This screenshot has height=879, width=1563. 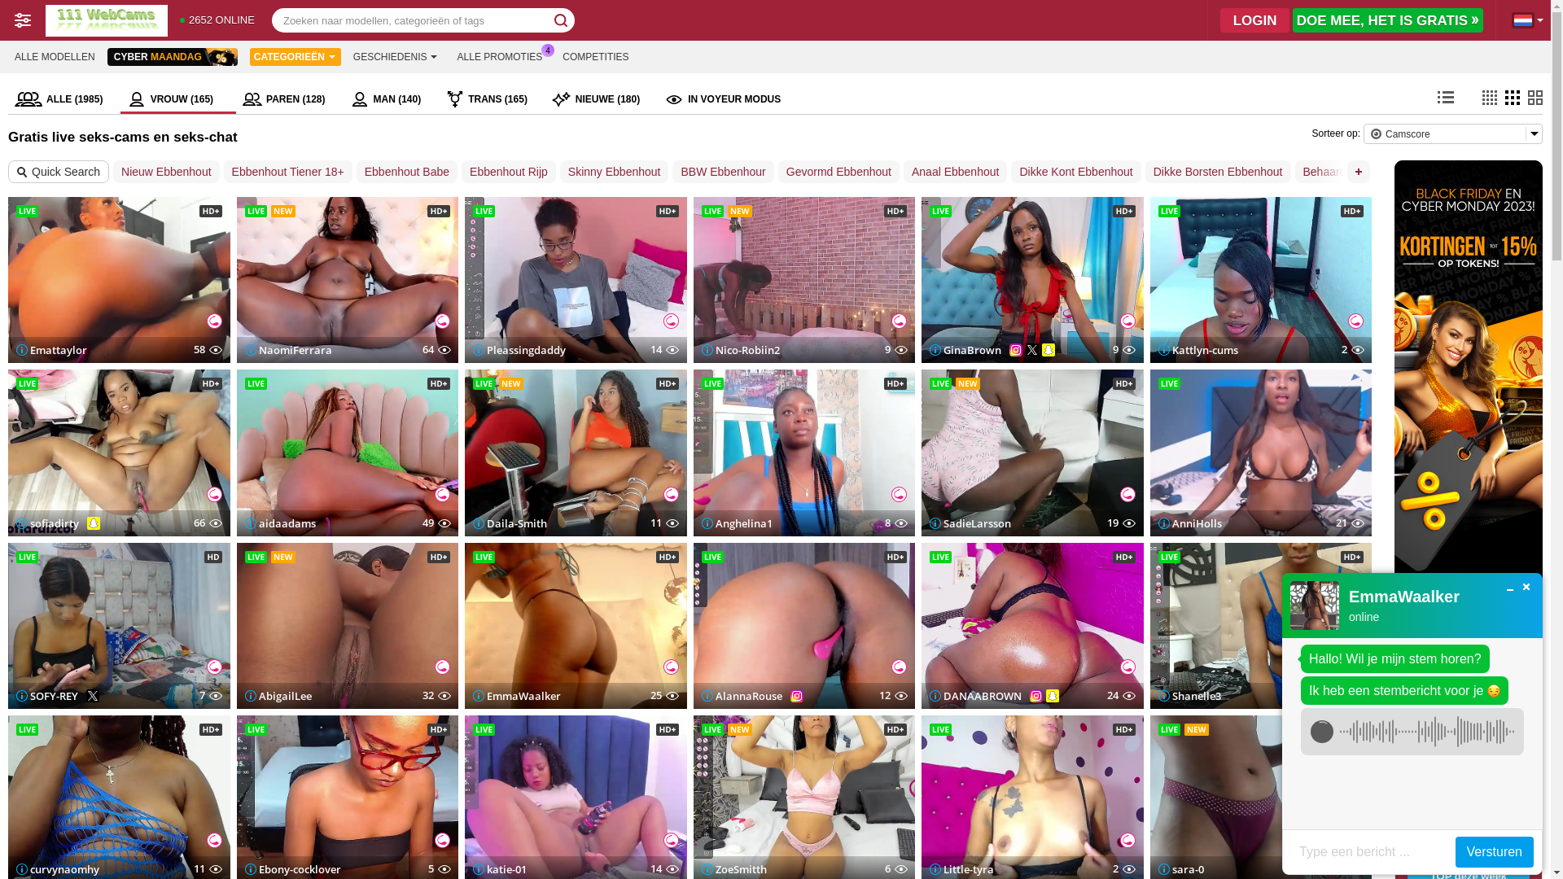 What do you see at coordinates (58, 868) in the screenshot?
I see `'curvynaomhy'` at bounding box center [58, 868].